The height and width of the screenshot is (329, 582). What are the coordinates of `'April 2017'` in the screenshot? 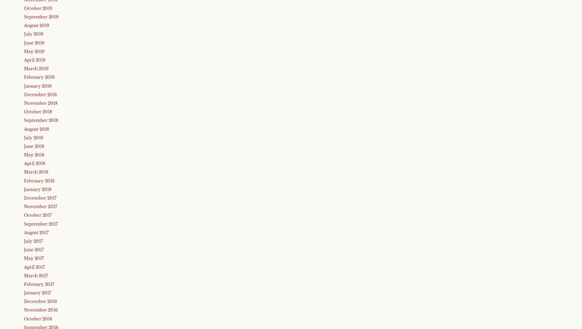 It's located at (24, 266).